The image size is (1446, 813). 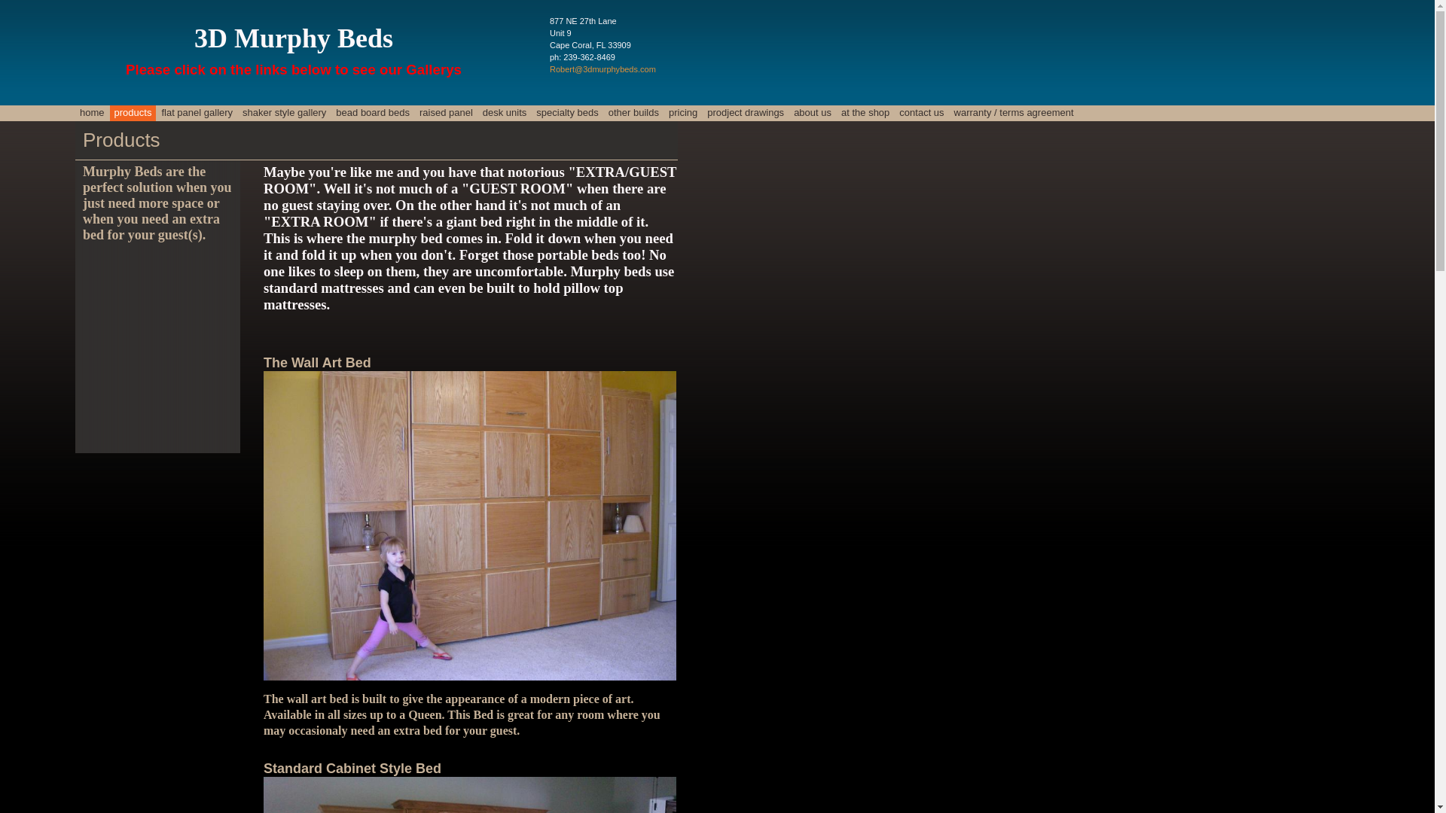 I want to click on 'pricing', so click(x=682, y=112).